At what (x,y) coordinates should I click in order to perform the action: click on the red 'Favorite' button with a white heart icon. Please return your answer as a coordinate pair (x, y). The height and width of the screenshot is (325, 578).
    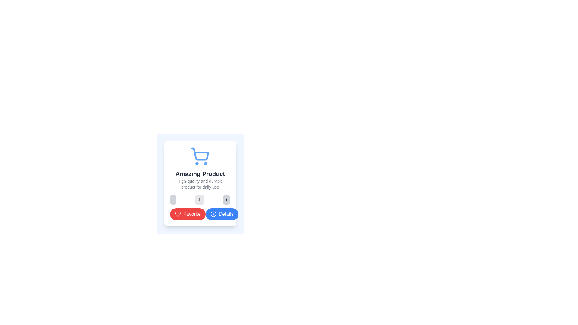
    Looking at the image, I should click on (187, 214).